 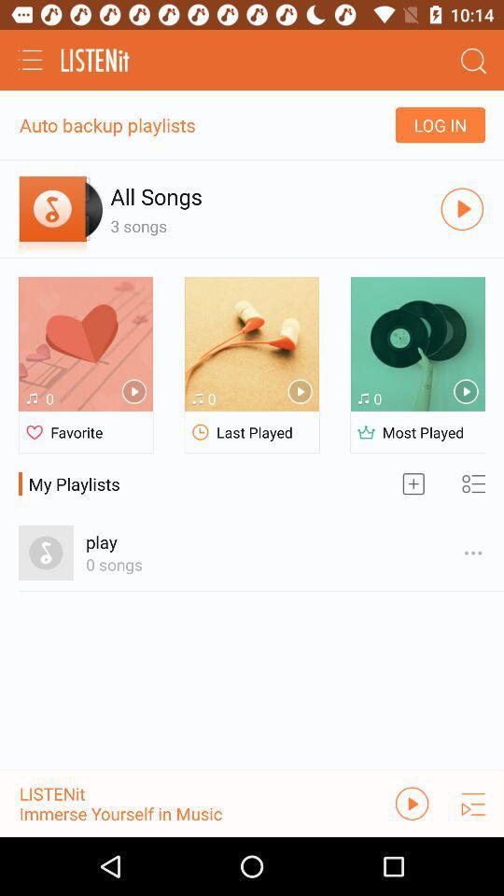 I want to click on the pause icon in the bottom right, so click(x=412, y=803).